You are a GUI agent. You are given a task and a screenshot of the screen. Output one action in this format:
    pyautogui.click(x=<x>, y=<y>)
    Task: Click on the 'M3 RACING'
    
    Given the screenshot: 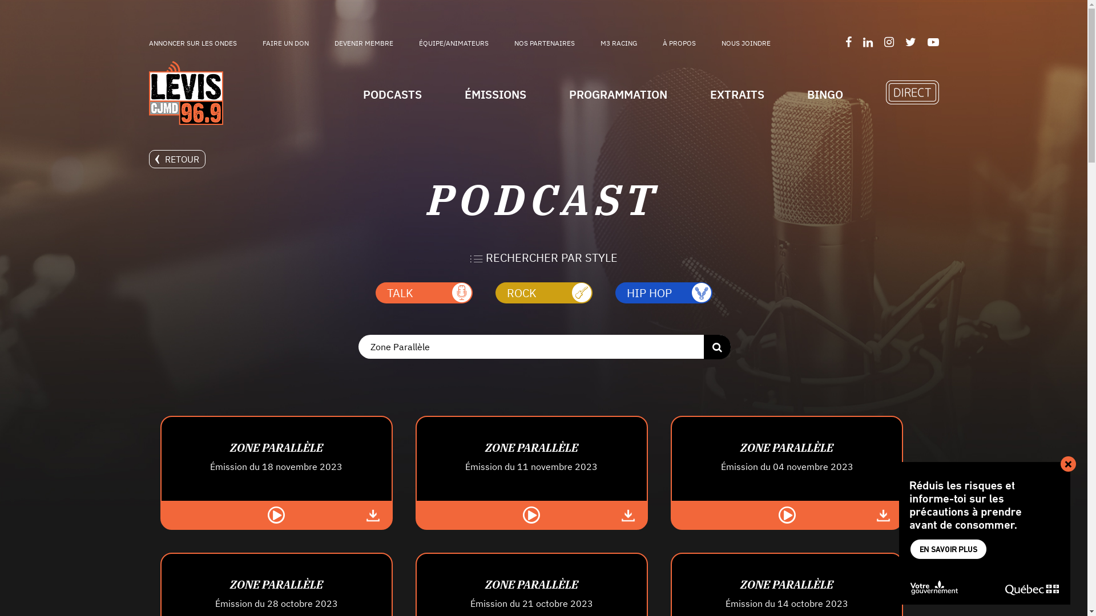 What is the action you would take?
    pyautogui.click(x=618, y=42)
    